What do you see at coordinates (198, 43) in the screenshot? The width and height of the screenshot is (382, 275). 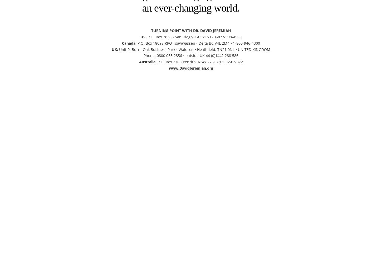 I see `'P.O. Box 18098 RPO Tsawwassen • Delta BC V4L 2M4 • 1-800-946-4300'` at bounding box center [198, 43].